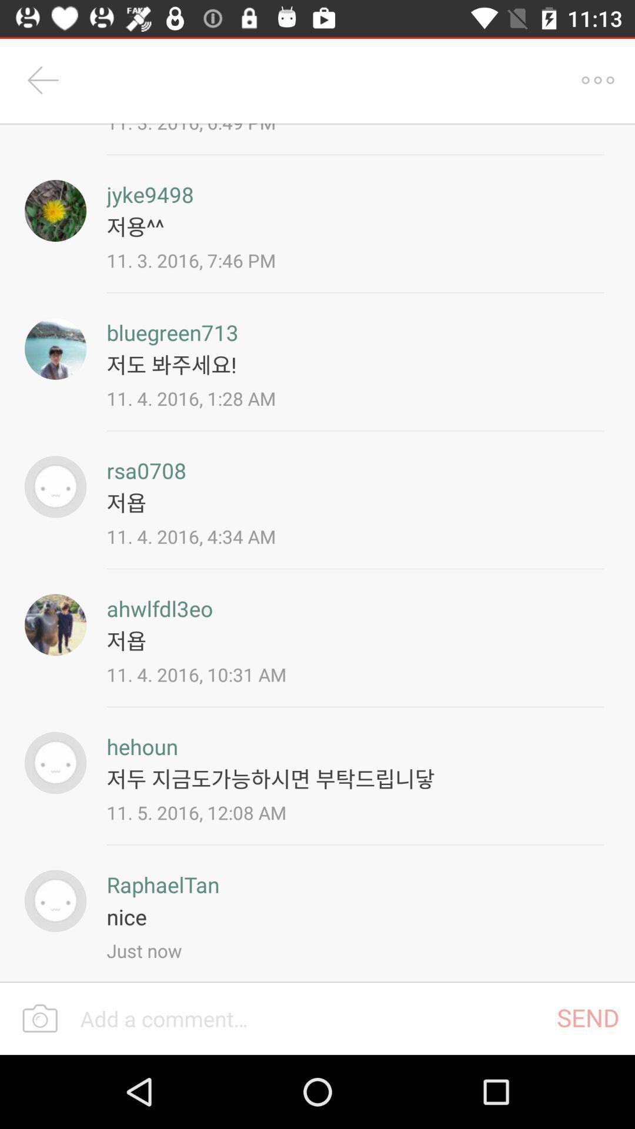 This screenshot has height=1129, width=635. I want to click on profile, so click(55, 211).